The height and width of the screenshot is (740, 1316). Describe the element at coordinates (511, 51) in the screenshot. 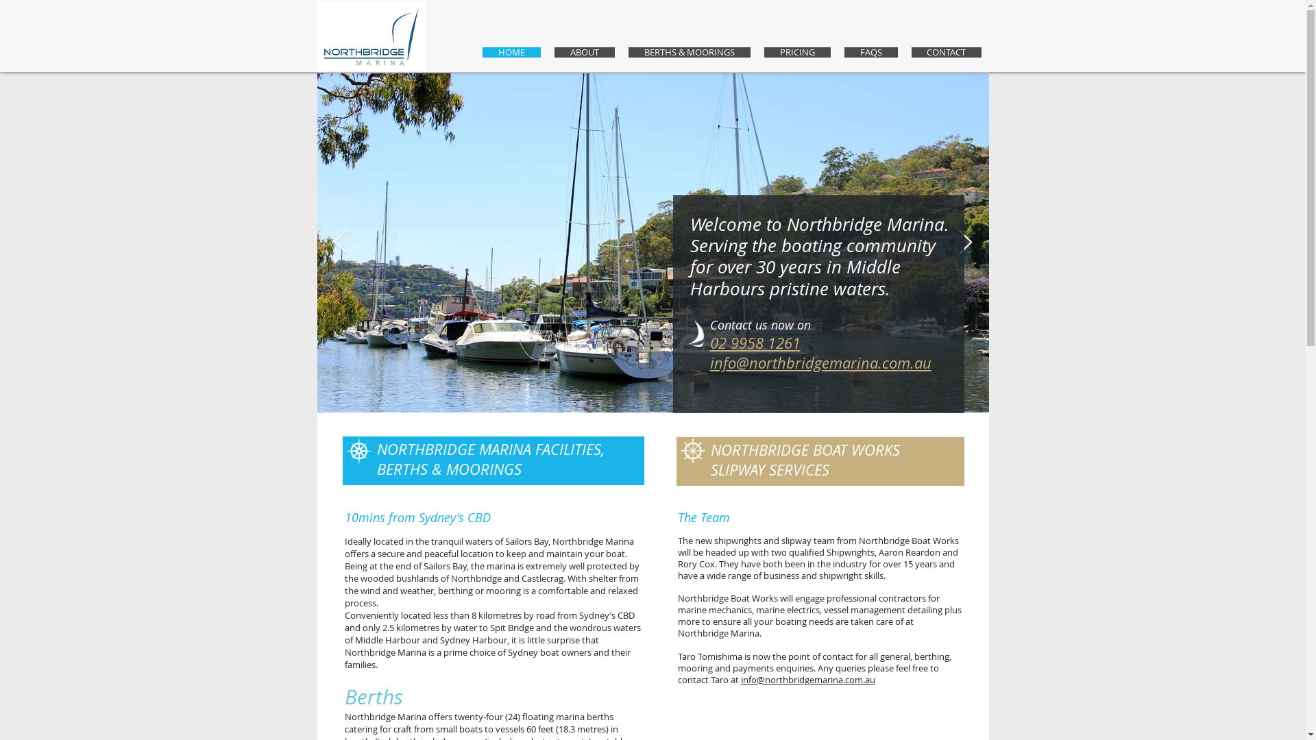

I see `'HOME'` at that location.